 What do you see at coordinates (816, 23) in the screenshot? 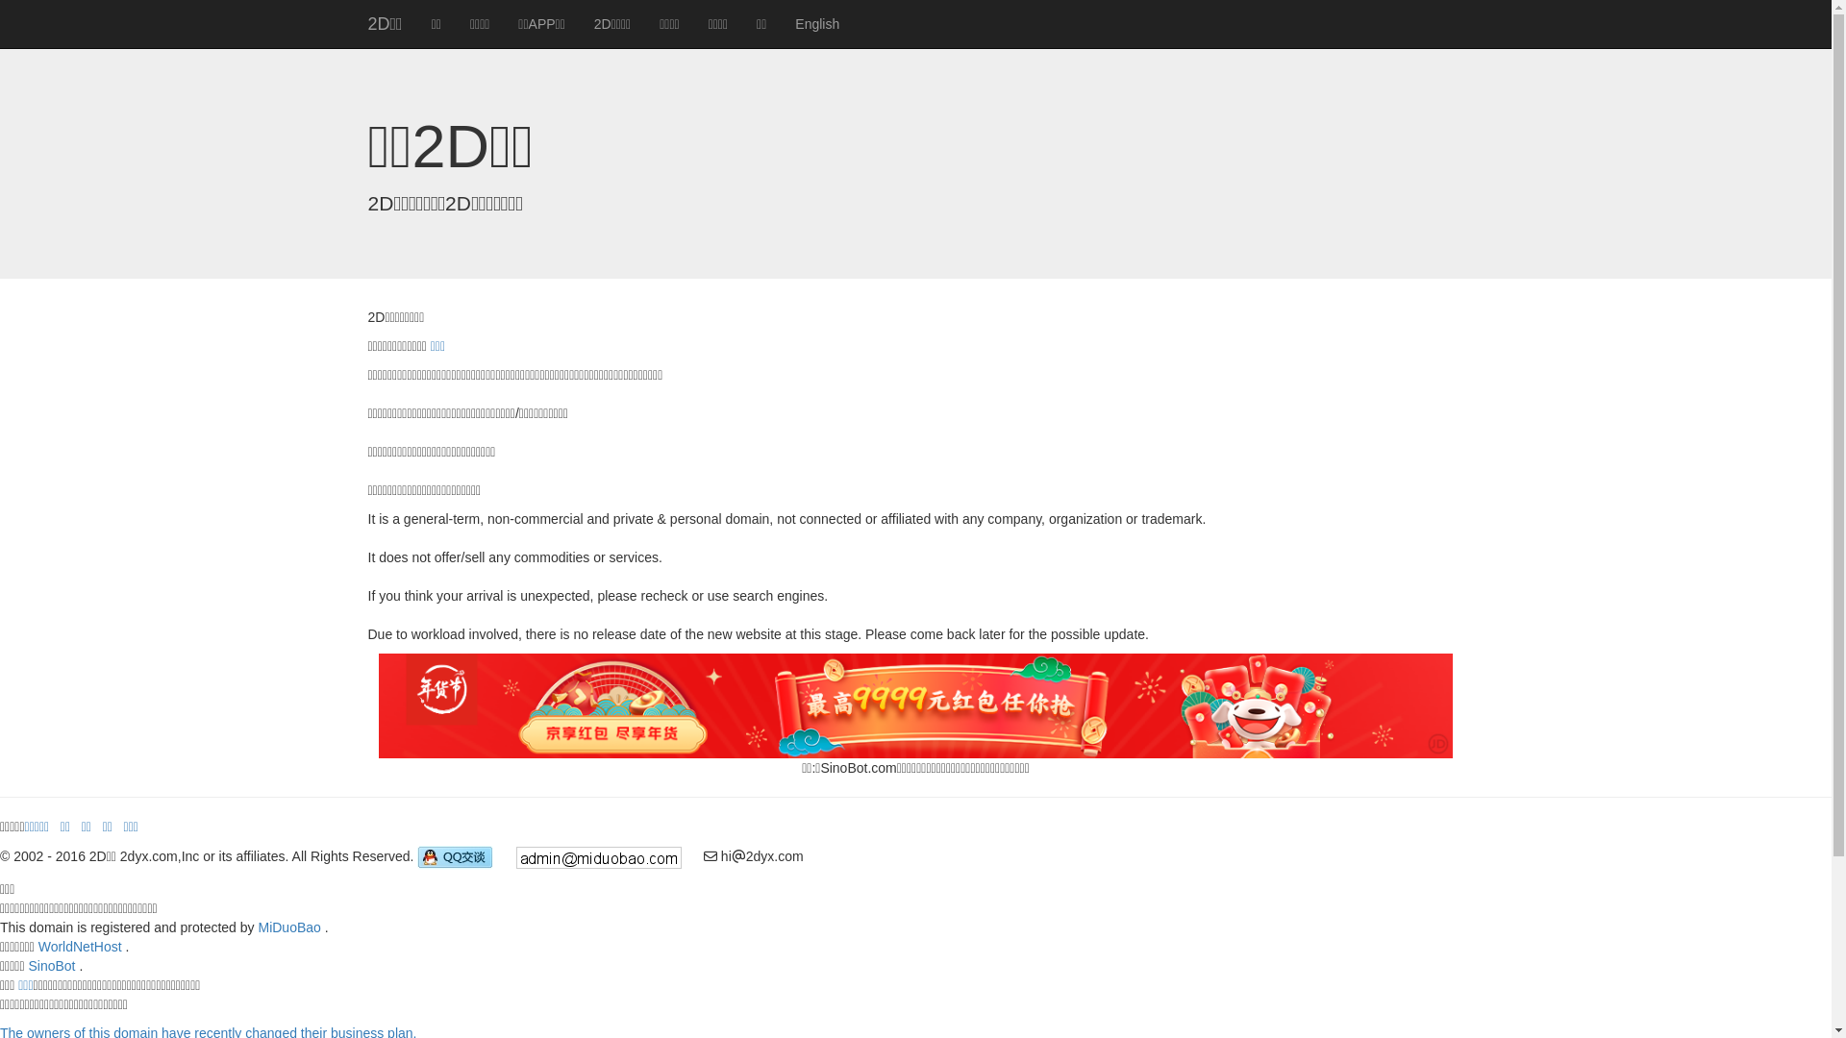
I see `'English'` at bounding box center [816, 23].